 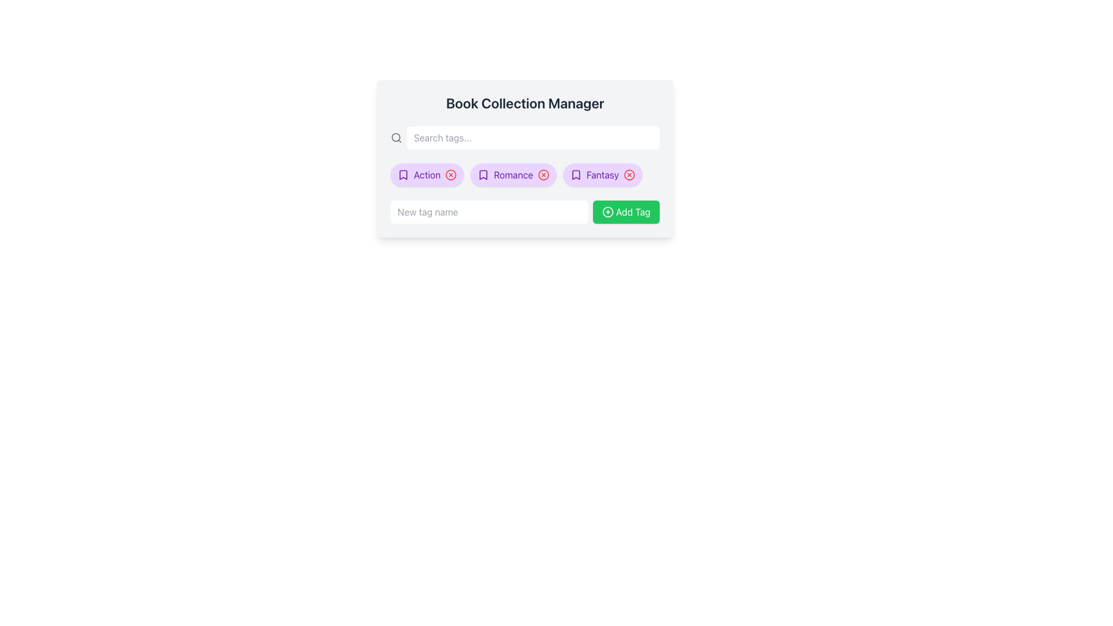 What do you see at coordinates (403, 174) in the screenshot?
I see `the bookmark icon with a purple outline located within the rectangular capsule labeled 'Action.'` at bounding box center [403, 174].